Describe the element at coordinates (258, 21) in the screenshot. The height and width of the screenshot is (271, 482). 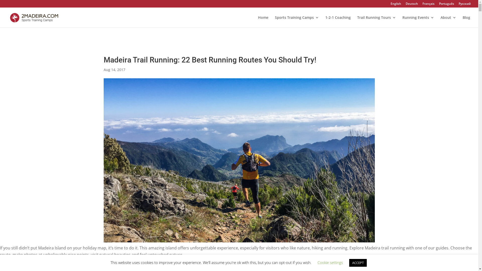
I see `'Home'` at that location.